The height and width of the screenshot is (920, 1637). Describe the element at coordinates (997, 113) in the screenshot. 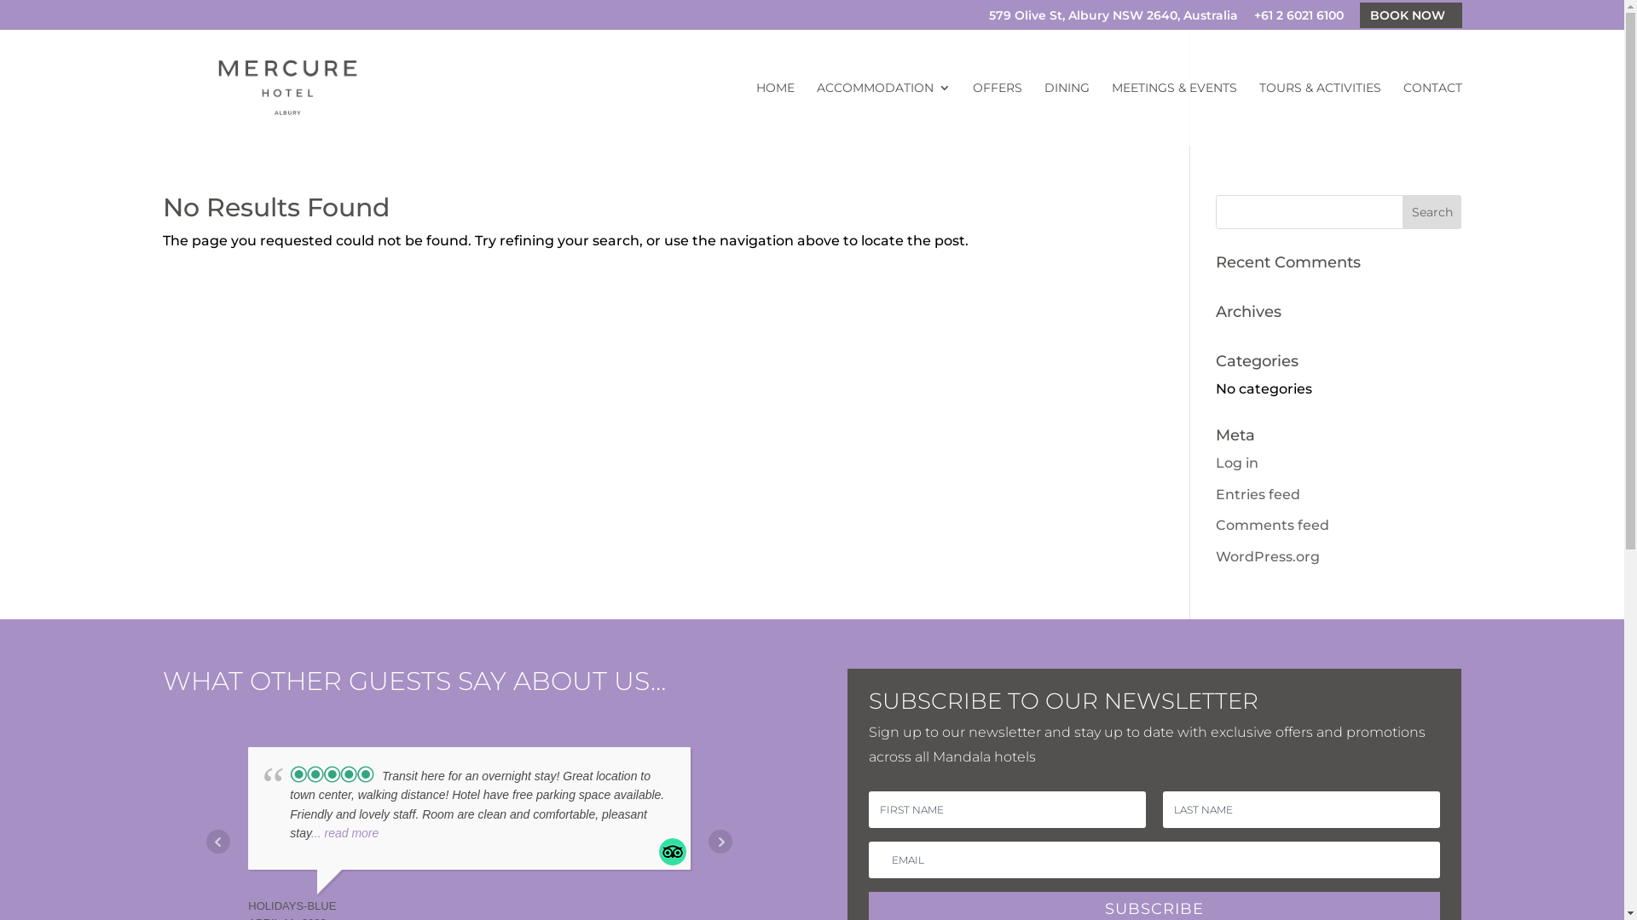

I see `'OFFERS'` at that location.